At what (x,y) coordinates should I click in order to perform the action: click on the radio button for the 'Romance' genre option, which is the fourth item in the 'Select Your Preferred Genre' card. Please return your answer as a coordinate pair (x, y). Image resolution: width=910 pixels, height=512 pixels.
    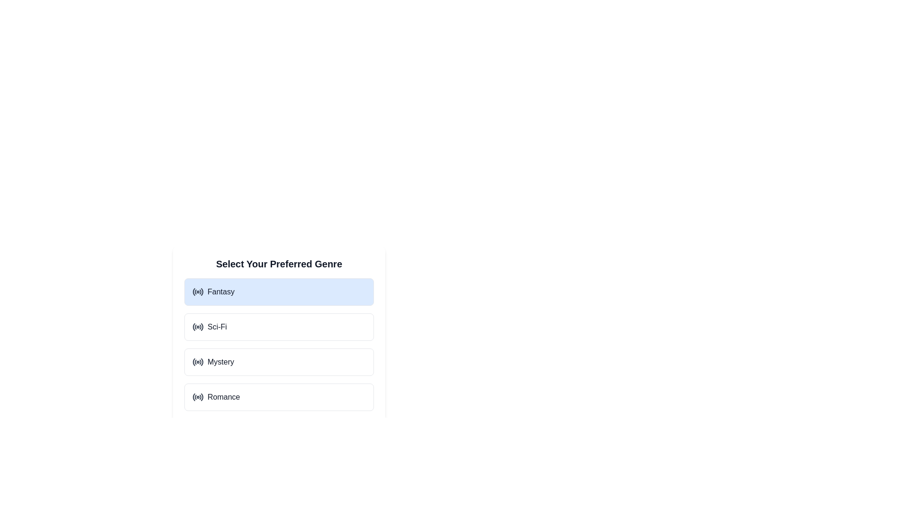
    Looking at the image, I should click on (279, 397).